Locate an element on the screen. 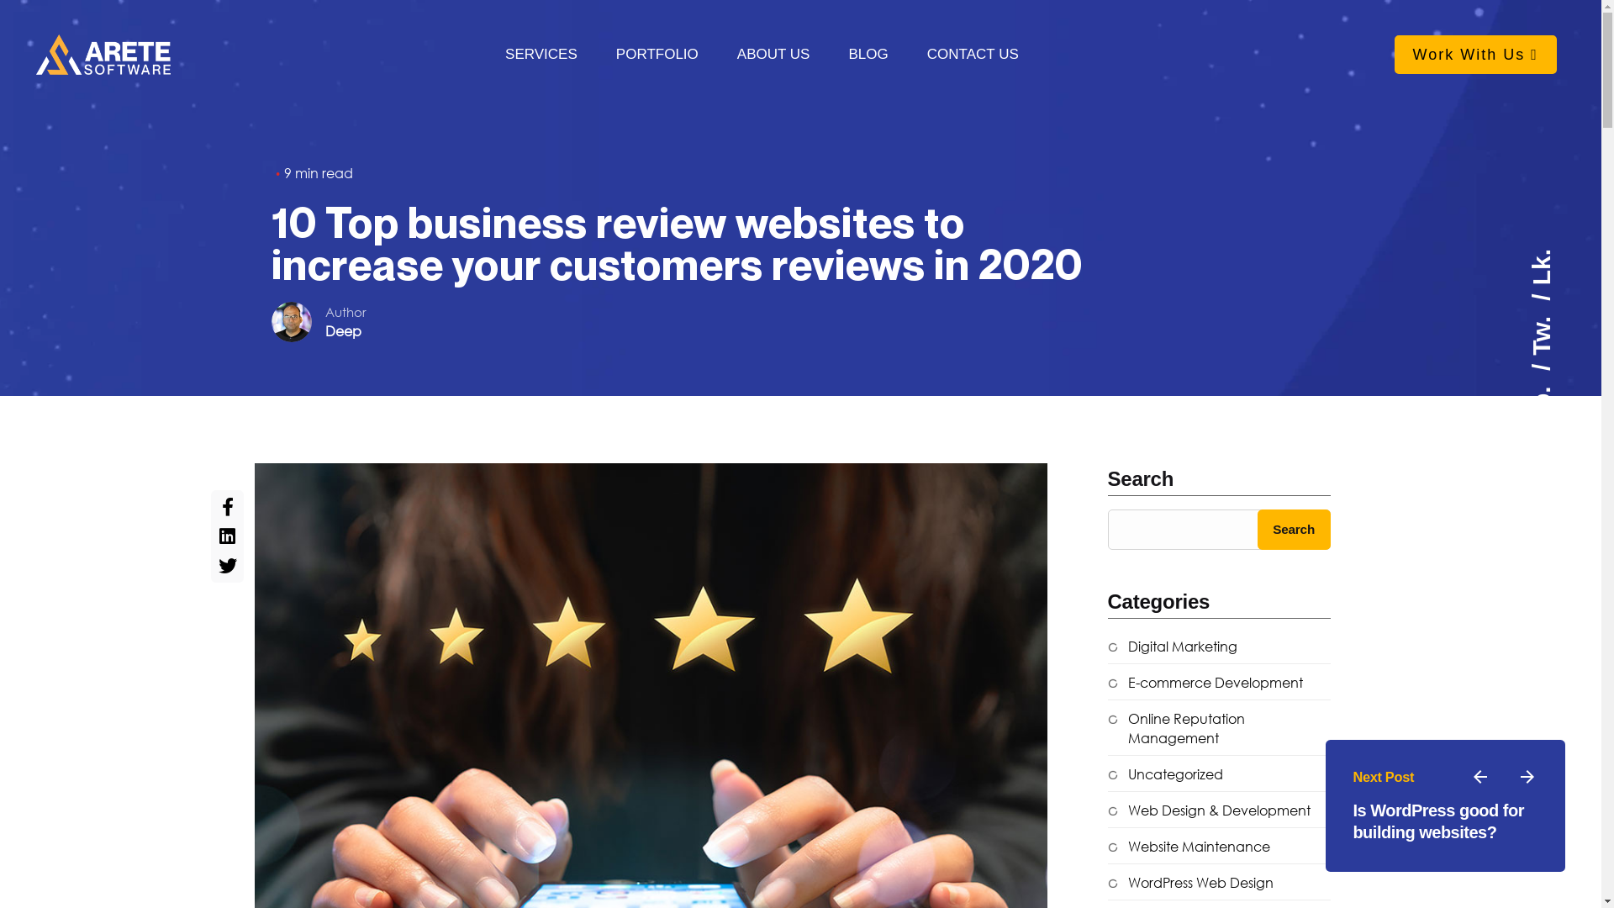 Image resolution: width=1614 pixels, height=908 pixels. 'Online Reputation Management' is located at coordinates (1108, 728).